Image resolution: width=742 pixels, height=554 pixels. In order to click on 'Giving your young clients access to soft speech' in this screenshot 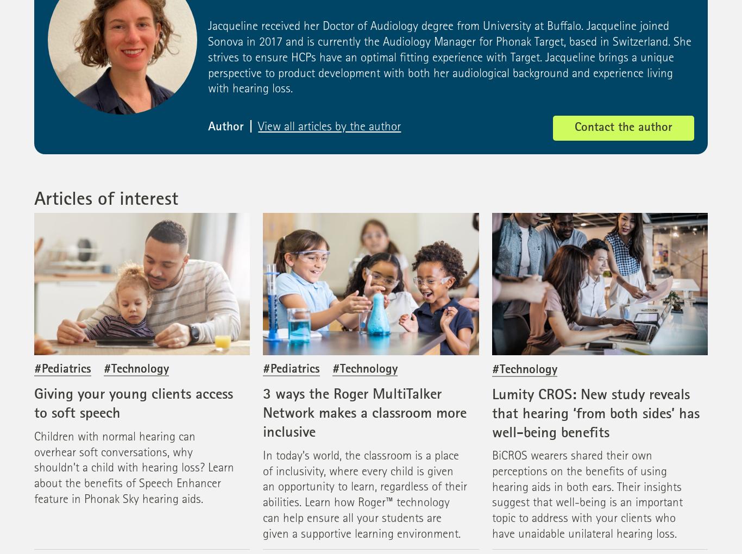, I will do `click(134, 405)`.